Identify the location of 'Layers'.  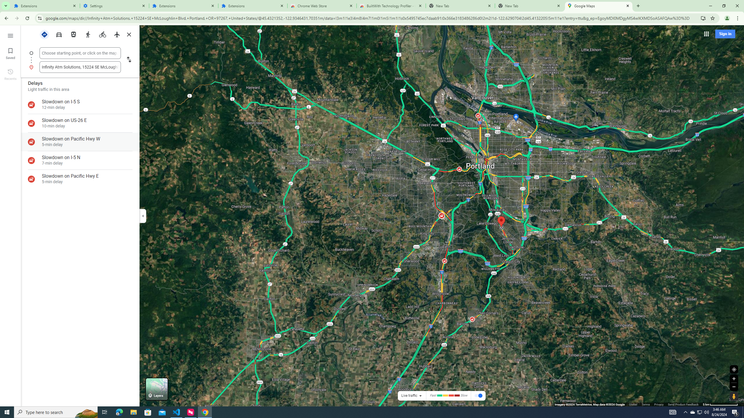
(156, 389).